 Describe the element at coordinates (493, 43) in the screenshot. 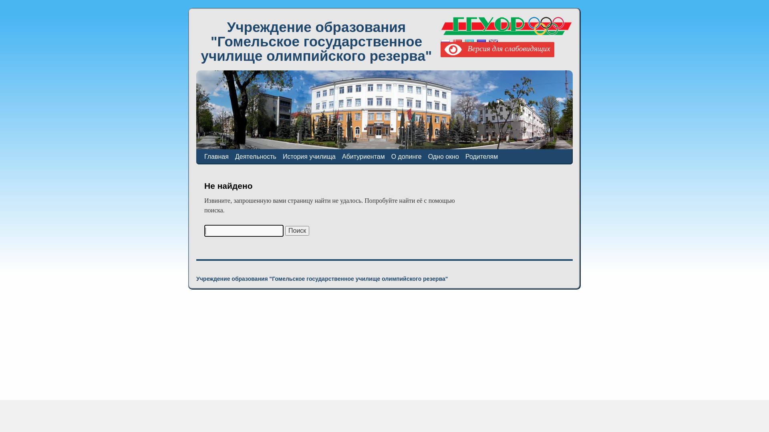

I see `'English'` at that location.